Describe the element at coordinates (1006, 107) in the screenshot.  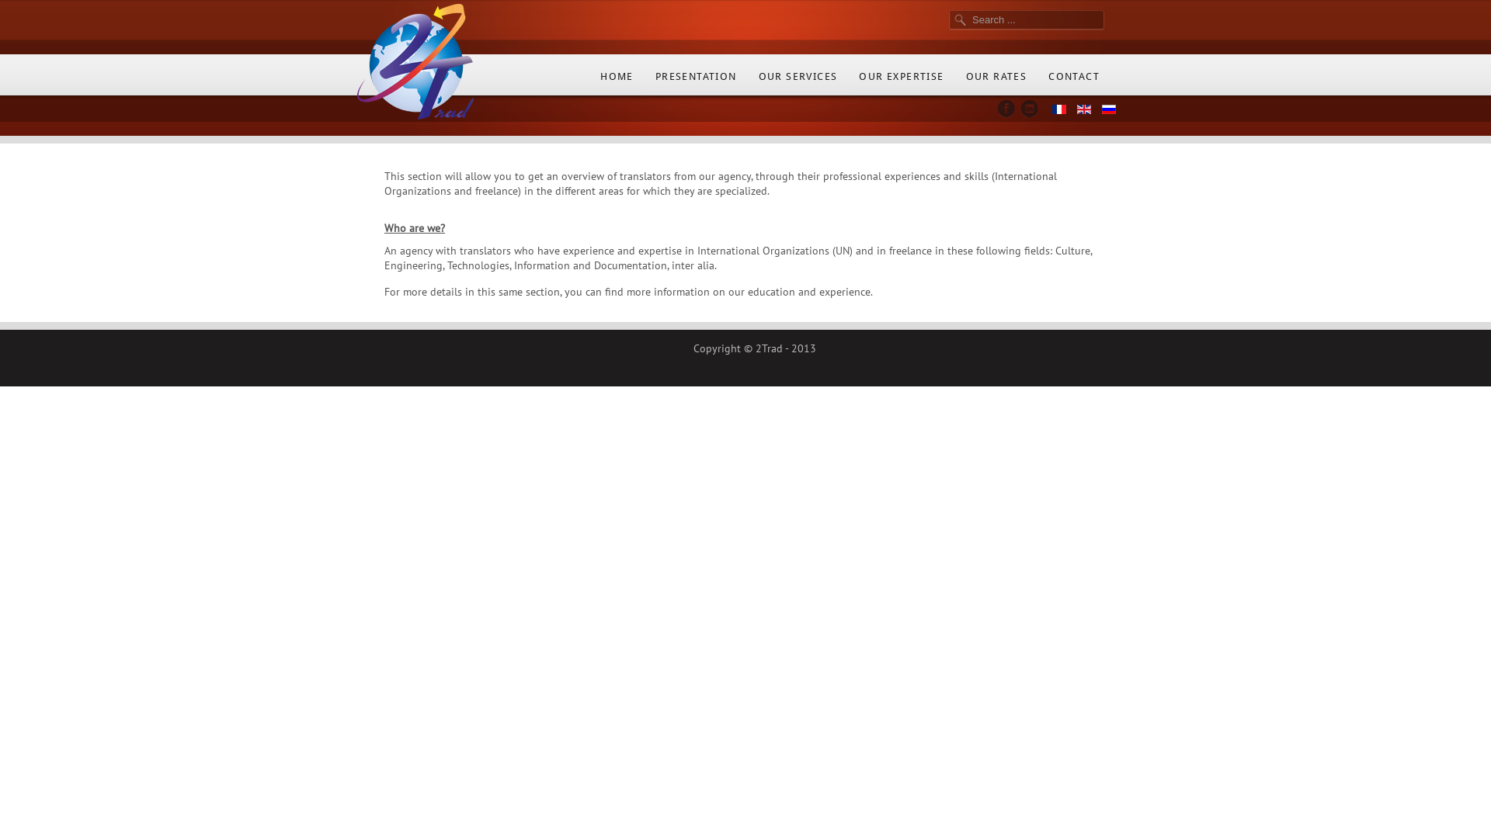
I see `'Facebook'` at that location.